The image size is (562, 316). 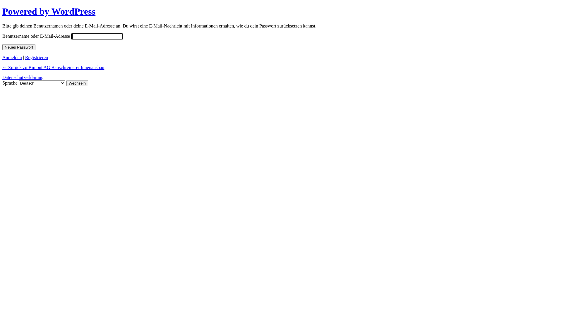 I want to click on 'Registrieren', so click(x=36, y=57).